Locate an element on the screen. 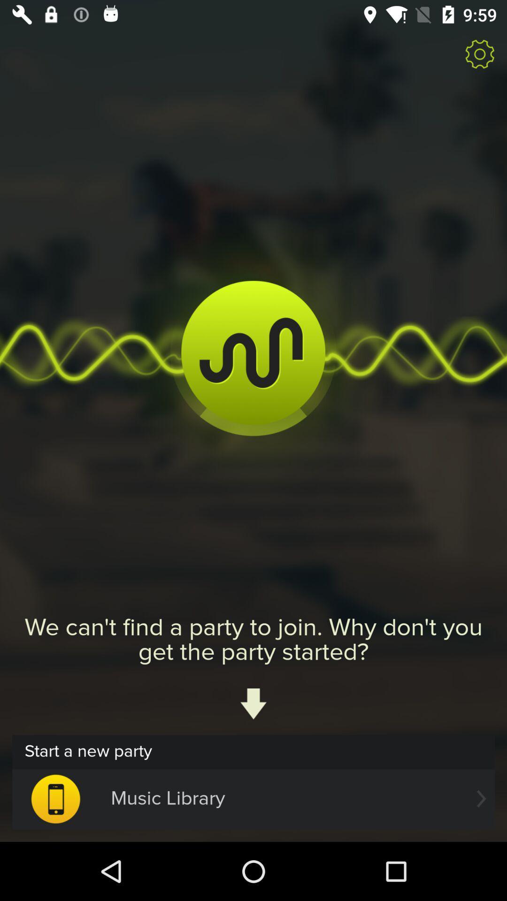  the icon at the top right corner is located at coordinates (480, 53).